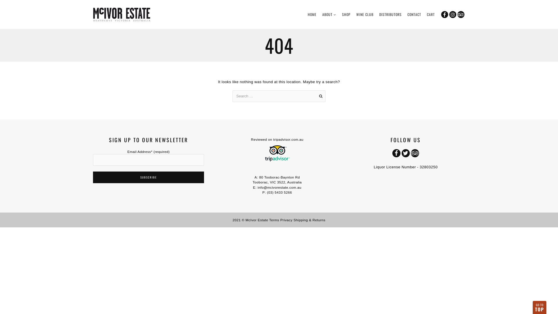 Image resolution: width=558 pixels, height=314 pixels. I want to click on 'Shipping & Returns', so click(309, 220).